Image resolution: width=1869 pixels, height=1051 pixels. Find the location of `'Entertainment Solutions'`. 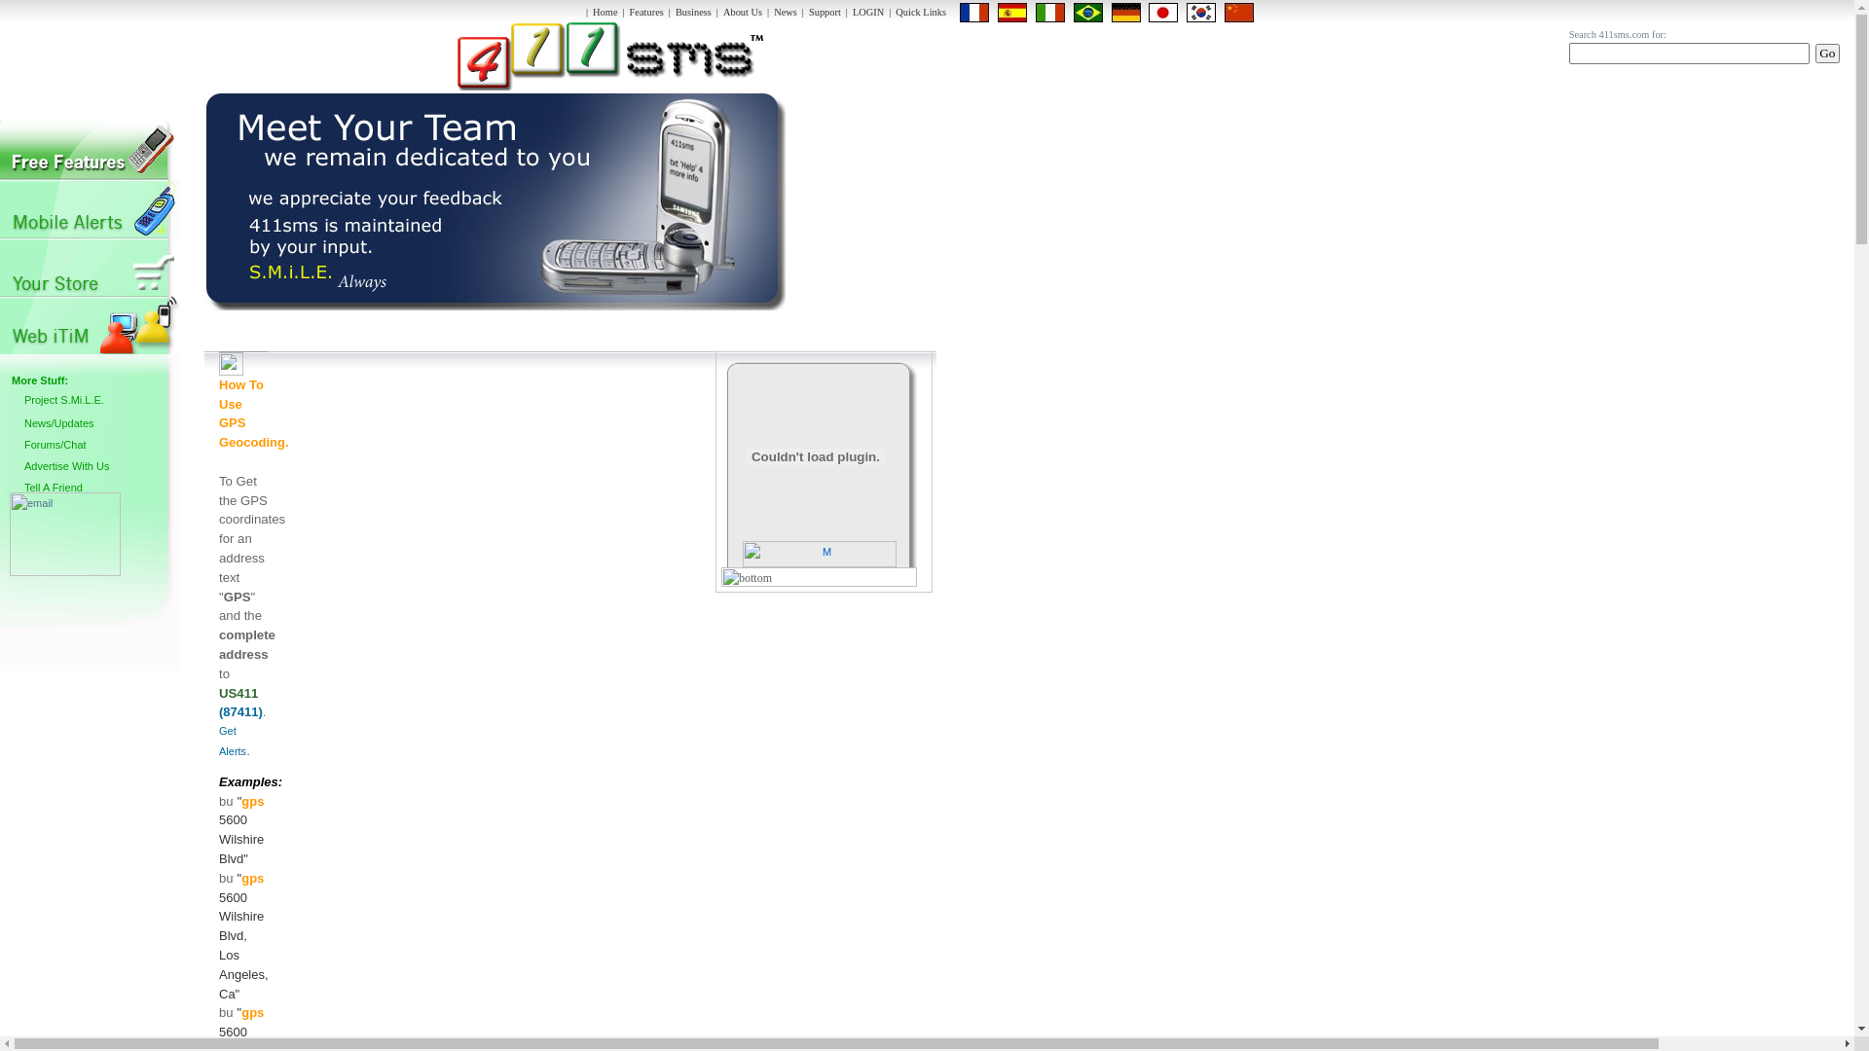

'Entertainment Solutions' is located at coordinates (0, 207).